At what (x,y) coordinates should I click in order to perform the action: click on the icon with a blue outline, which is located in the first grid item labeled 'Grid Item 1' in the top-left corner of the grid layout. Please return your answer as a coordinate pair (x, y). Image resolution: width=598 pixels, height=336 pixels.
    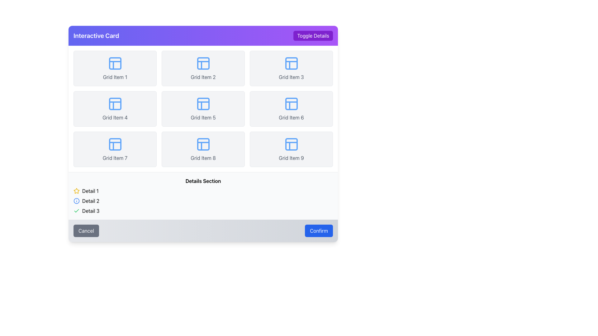
    Looking at the image, I should click on (115, 63).